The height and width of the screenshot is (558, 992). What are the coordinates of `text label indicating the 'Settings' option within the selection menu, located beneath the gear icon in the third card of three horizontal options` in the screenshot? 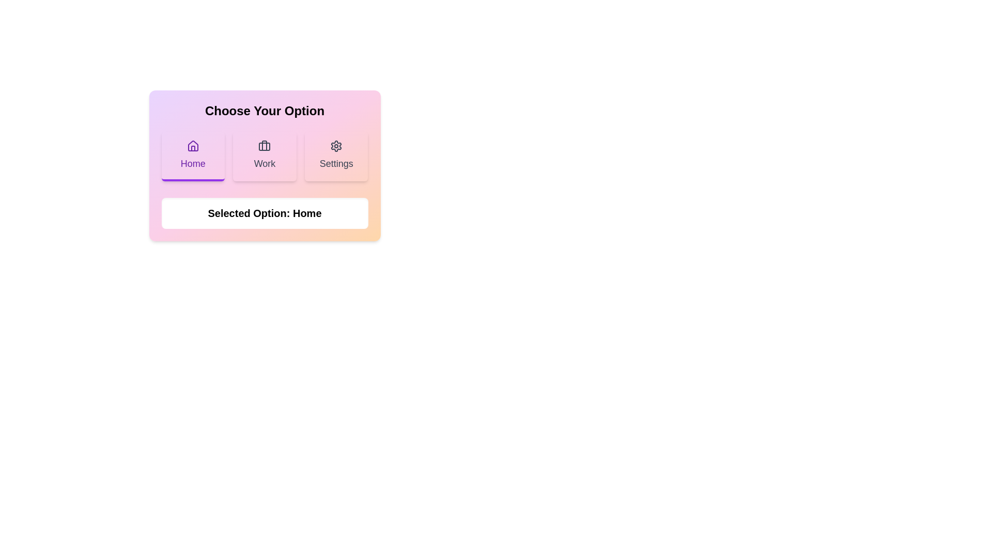 It's located at (336, 163).